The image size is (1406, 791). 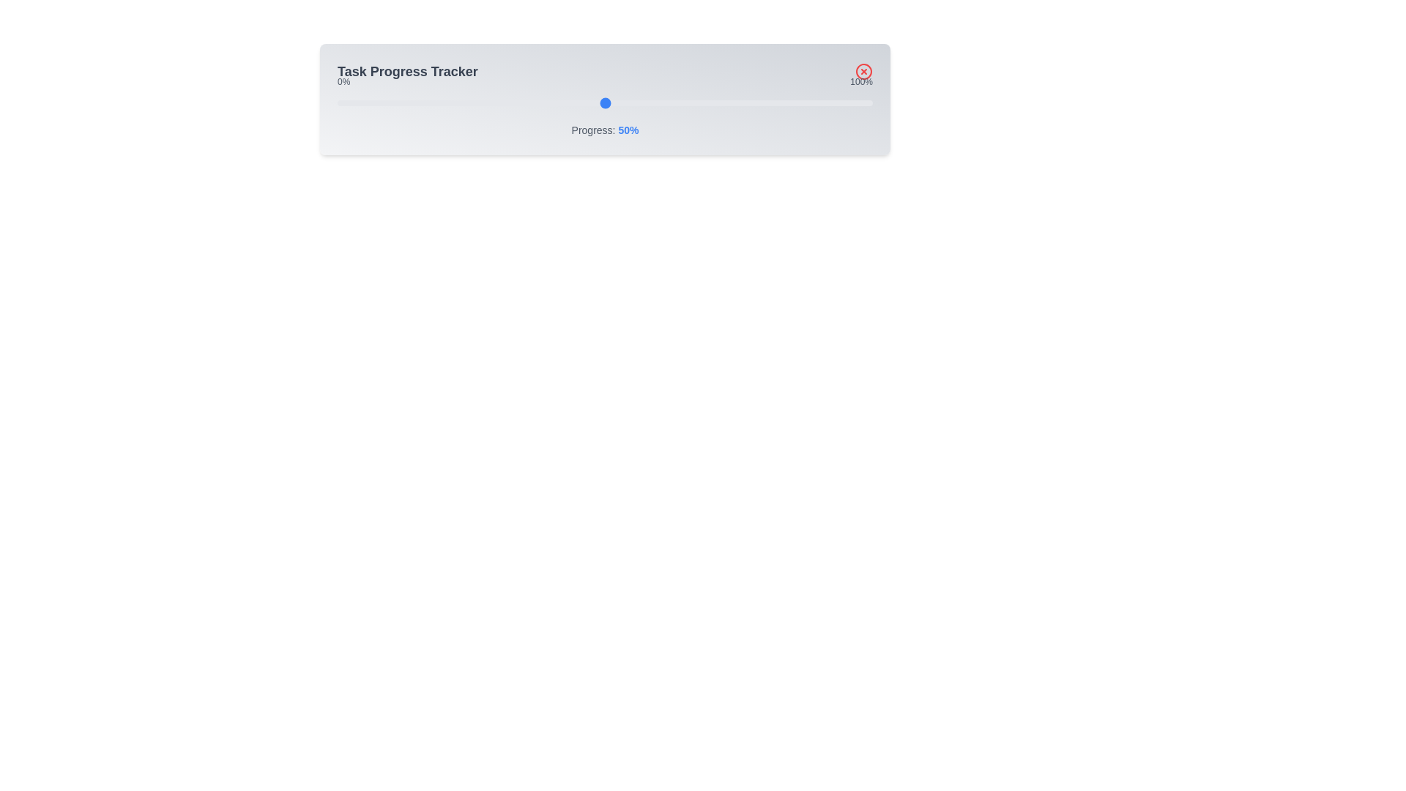 I want to click on the slider, so click(x=797, y=103).